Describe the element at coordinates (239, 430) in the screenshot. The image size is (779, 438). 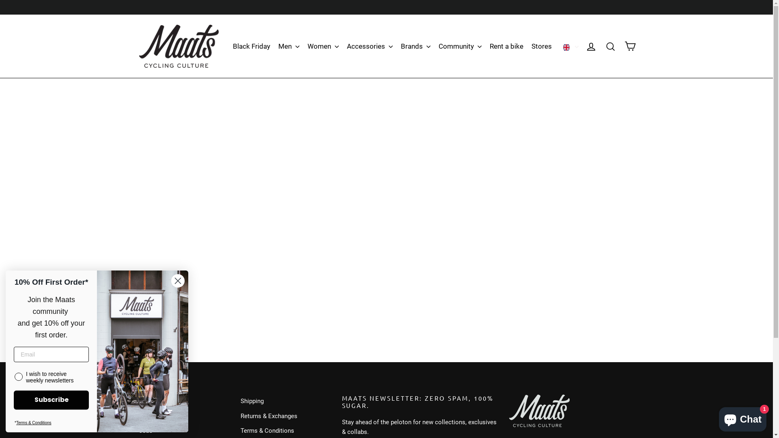
I see `'Terms & Conditions'` at that location.